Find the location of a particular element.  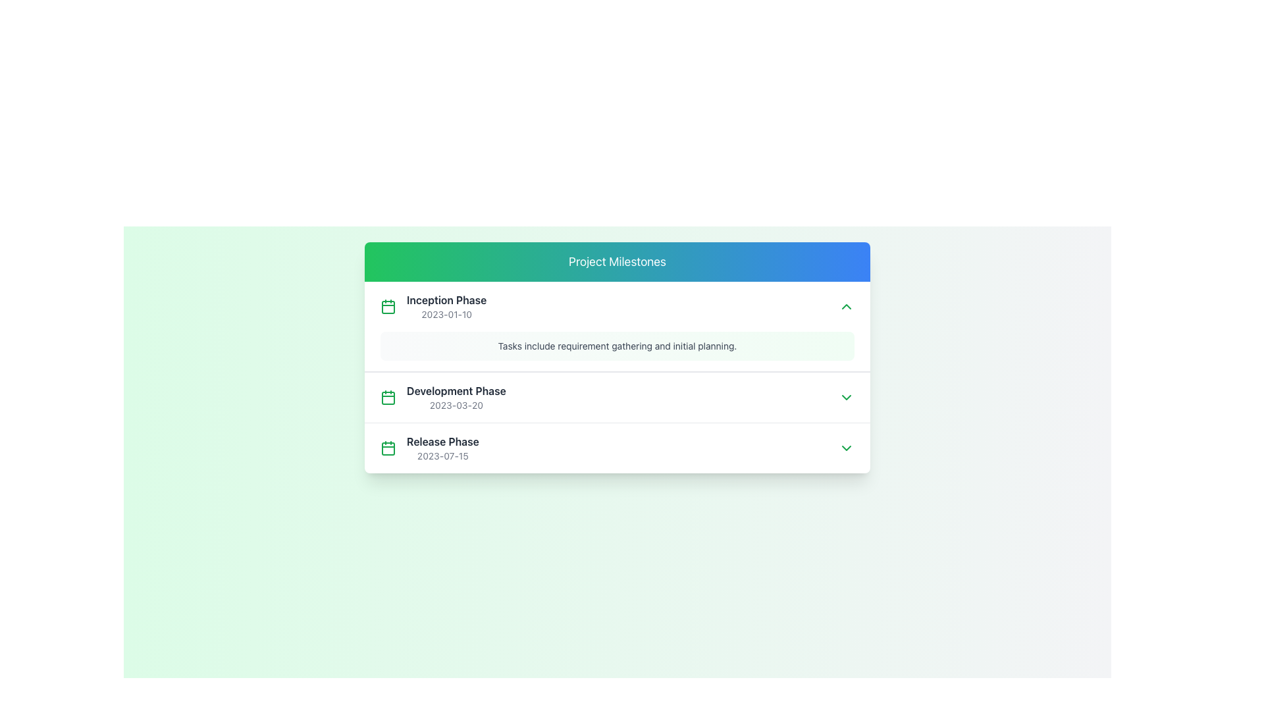

the Text Display Group with Icon that displays the milestone title 'Inception Phase' and the date '2023-01-10' is located at coordinates (433, 307).